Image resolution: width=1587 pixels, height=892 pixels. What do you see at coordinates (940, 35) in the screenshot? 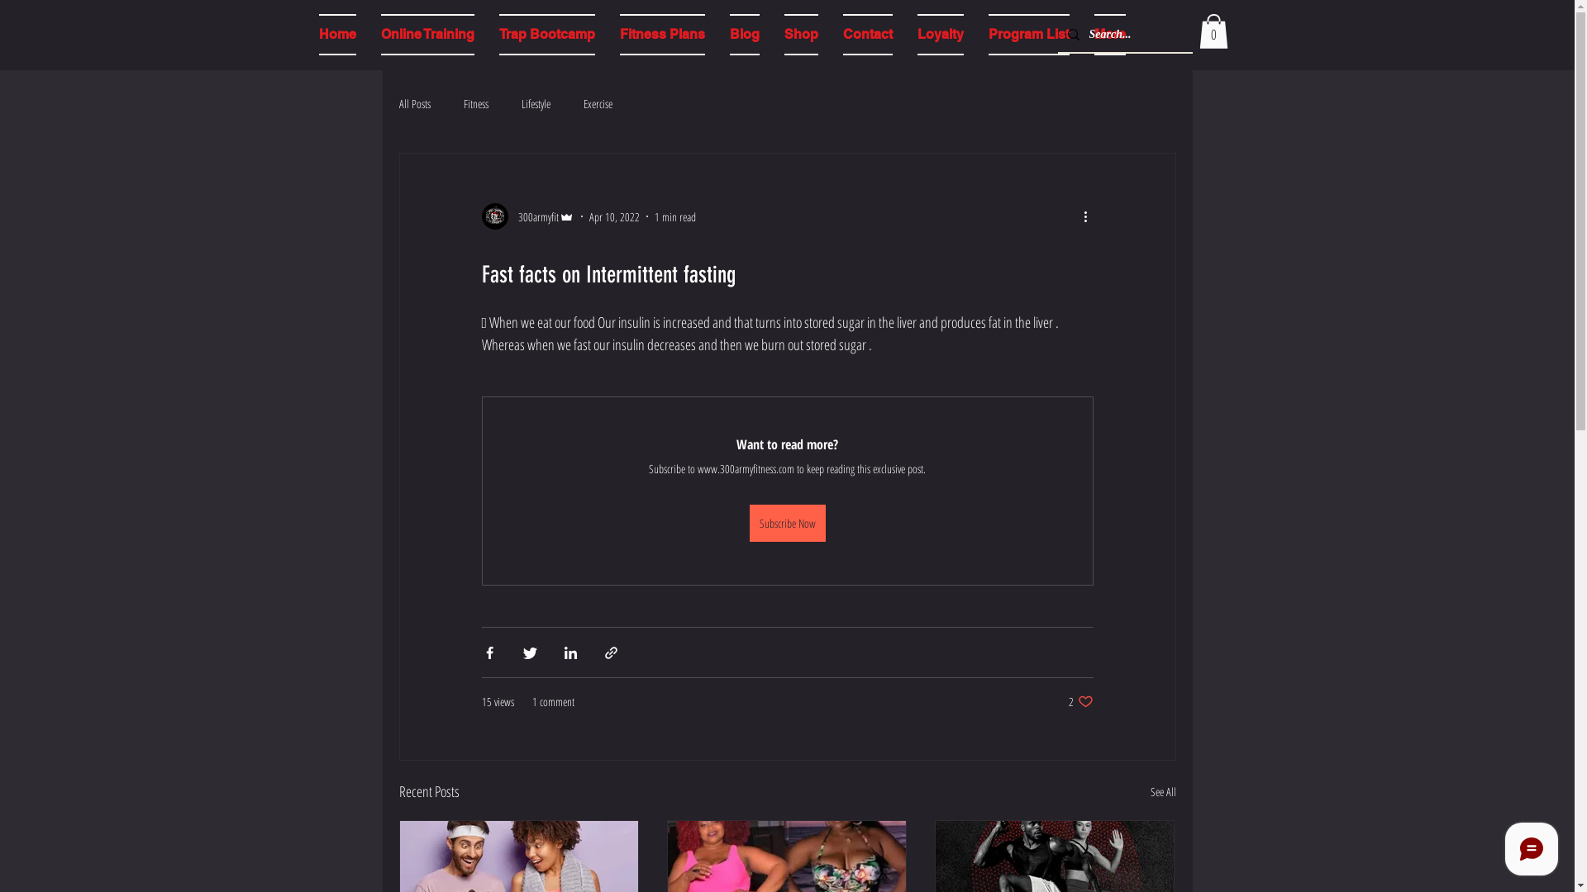
I see `'Loyalty'` at bounding box center [940, 35].